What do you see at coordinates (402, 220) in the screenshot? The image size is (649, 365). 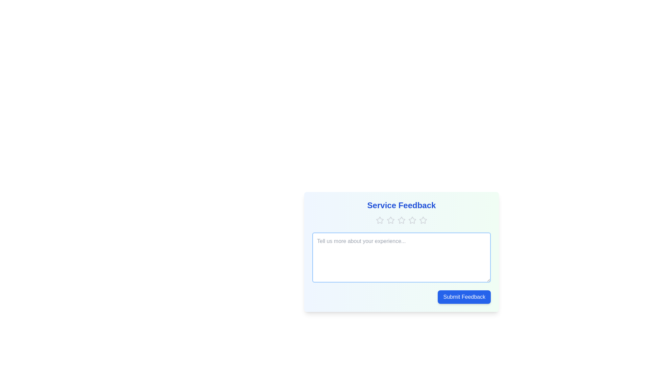 I see `the star corresponding to the desired rating 3` at bounding box center [402, 220].